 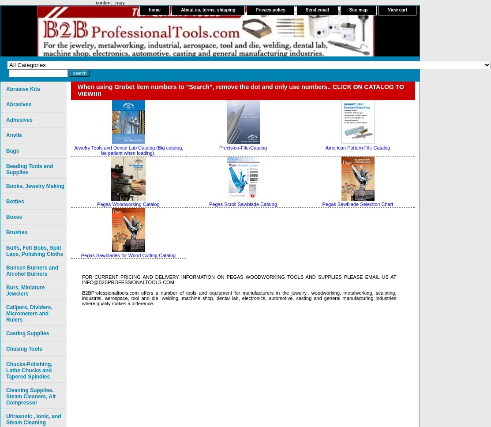 I want to click on 'Buffs, Felt Bobs, Split Laps, Polishing Cloths', so click(x=34, y=251).